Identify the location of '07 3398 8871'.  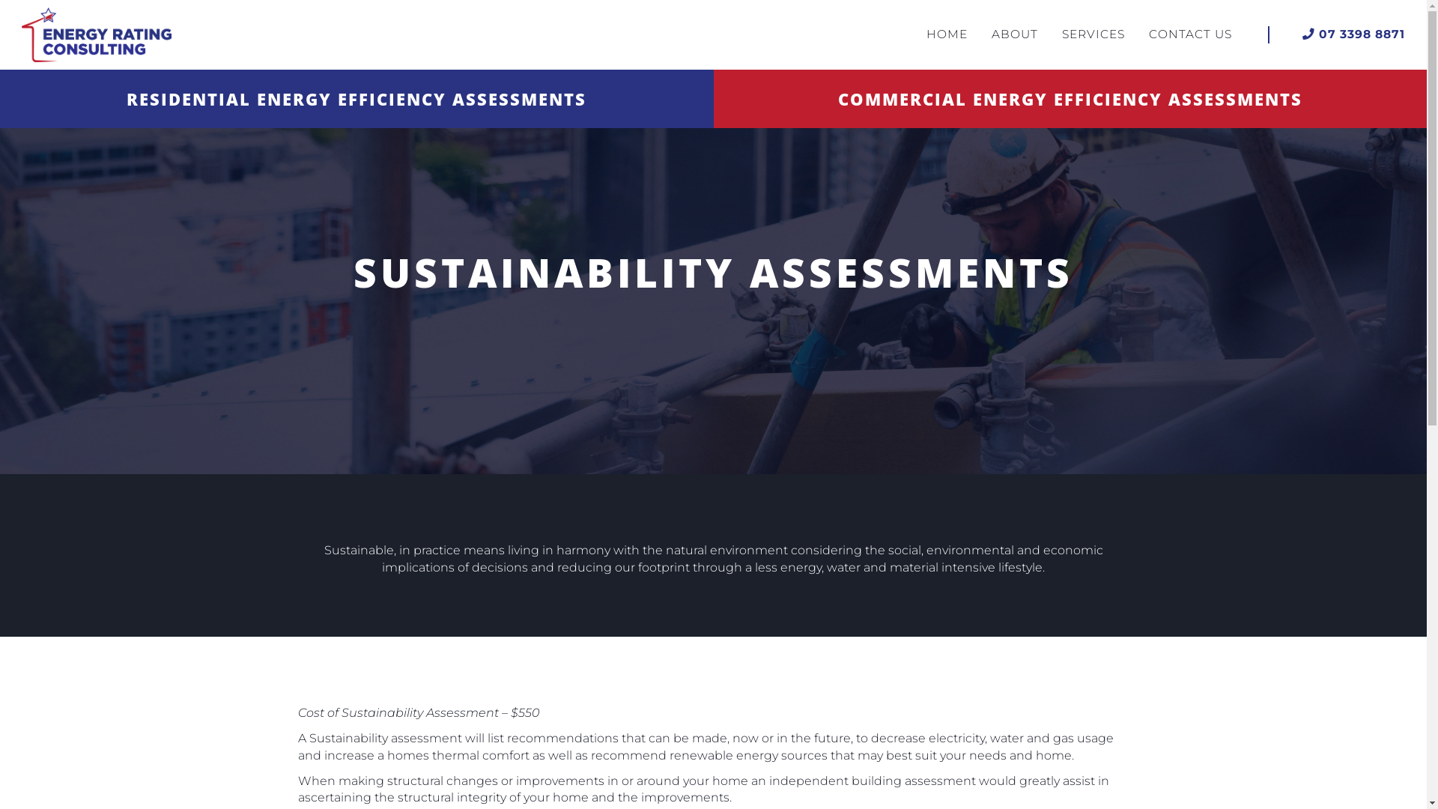
(1353, 34).